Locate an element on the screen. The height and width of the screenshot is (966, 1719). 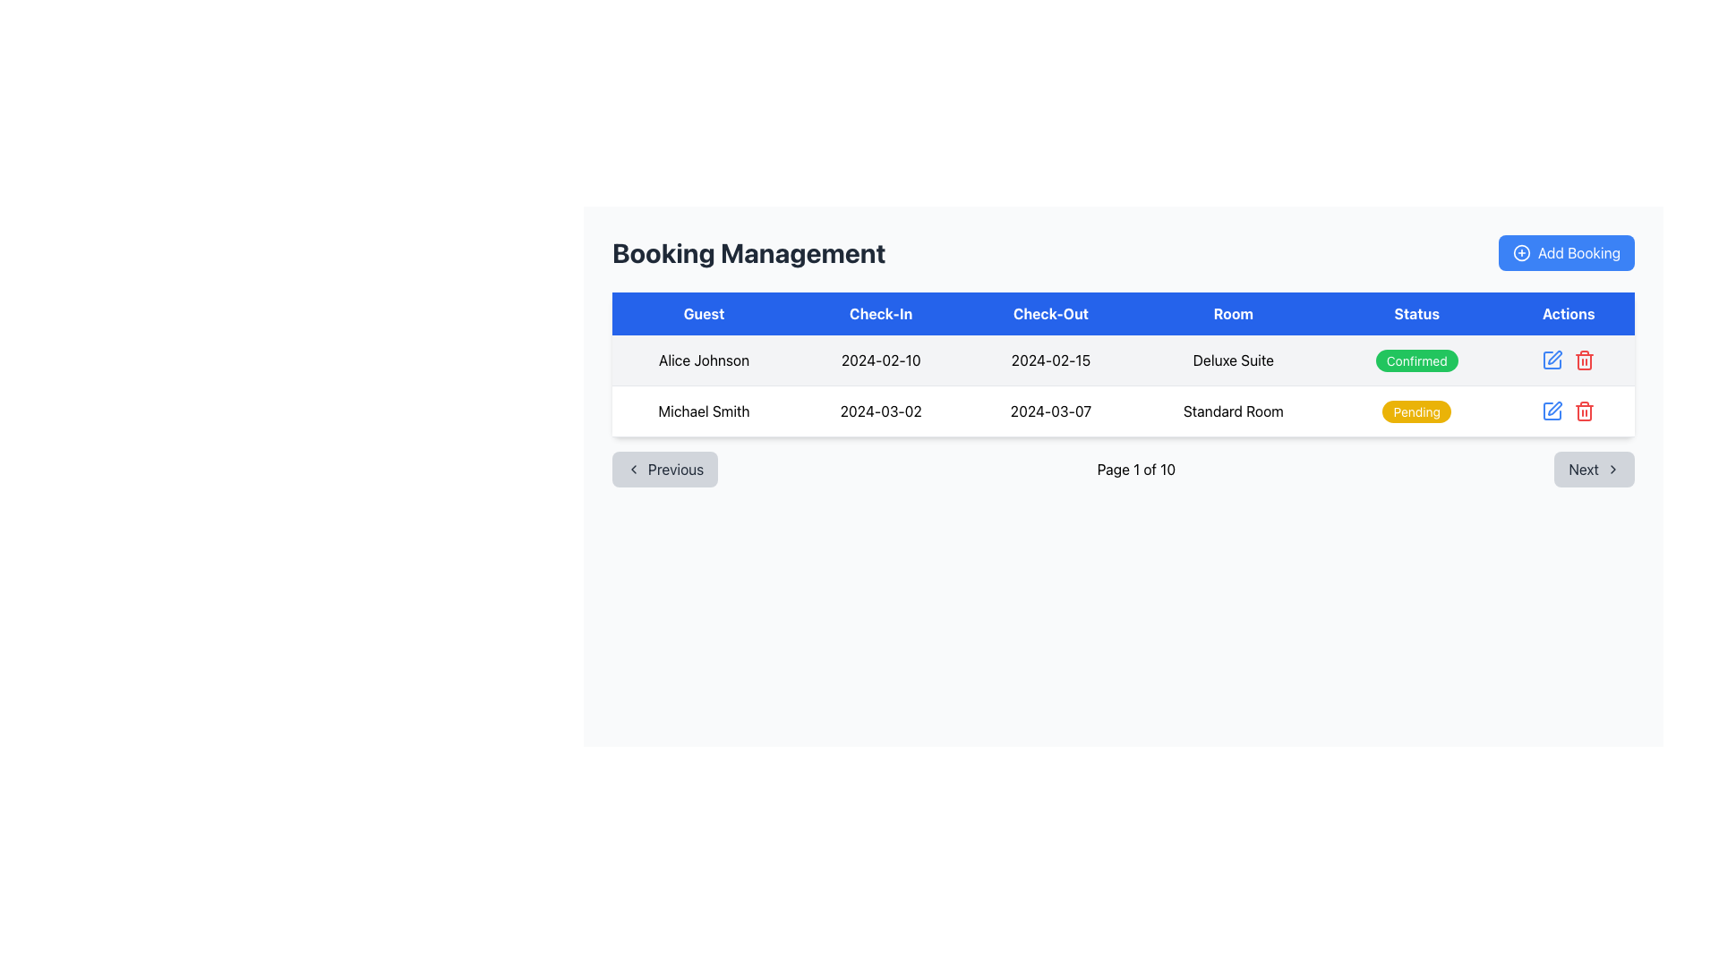
the leftward-pointing chevron icon within the 'Previous' button located at the bottom-left corner of the pagination control area is located at coordinates (634, 468).